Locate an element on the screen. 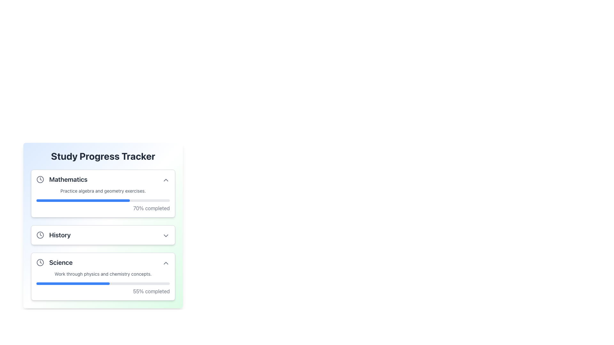  the clock icon in the row containing the 'Science' label, which is located in the third section of the vertical list is located at coordinates (40, 262).